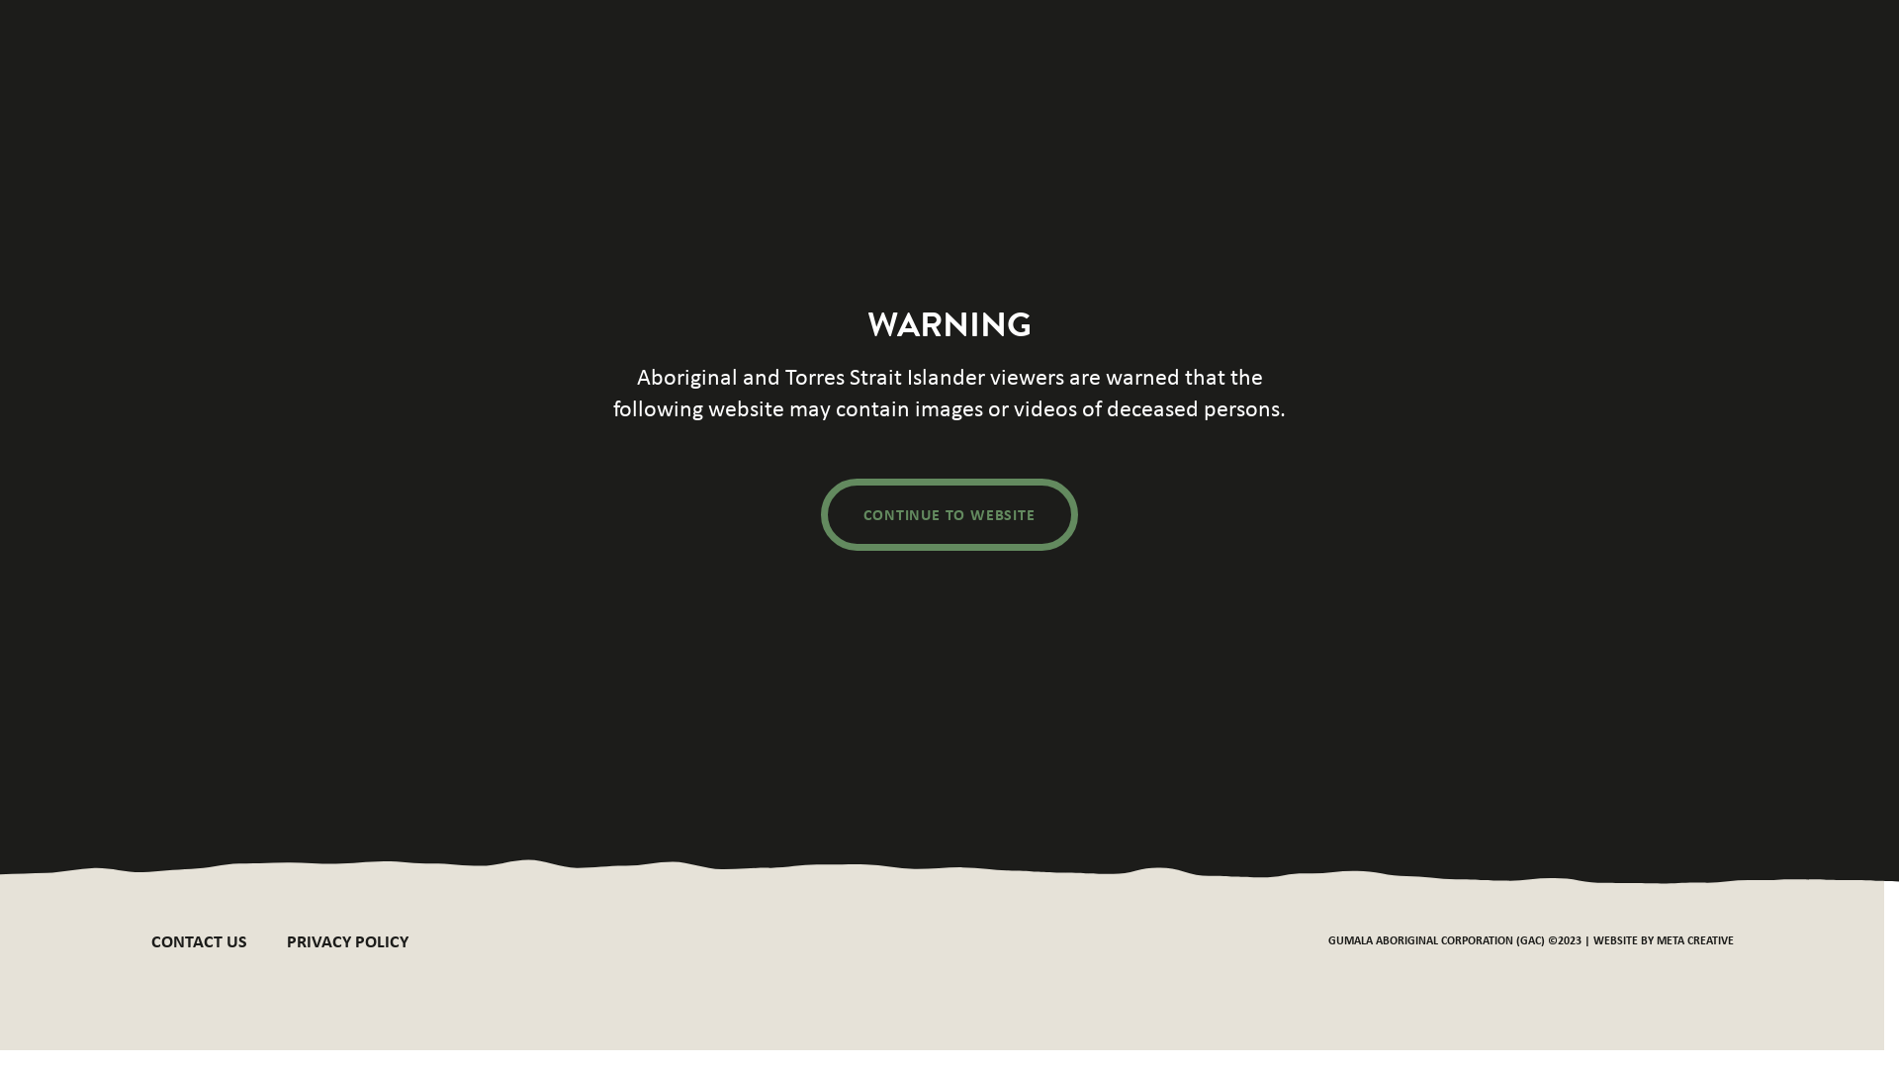 The width and height of the screenshot is (1899, 1068). I want to click on 'CONTACT US', so click(149, 940).